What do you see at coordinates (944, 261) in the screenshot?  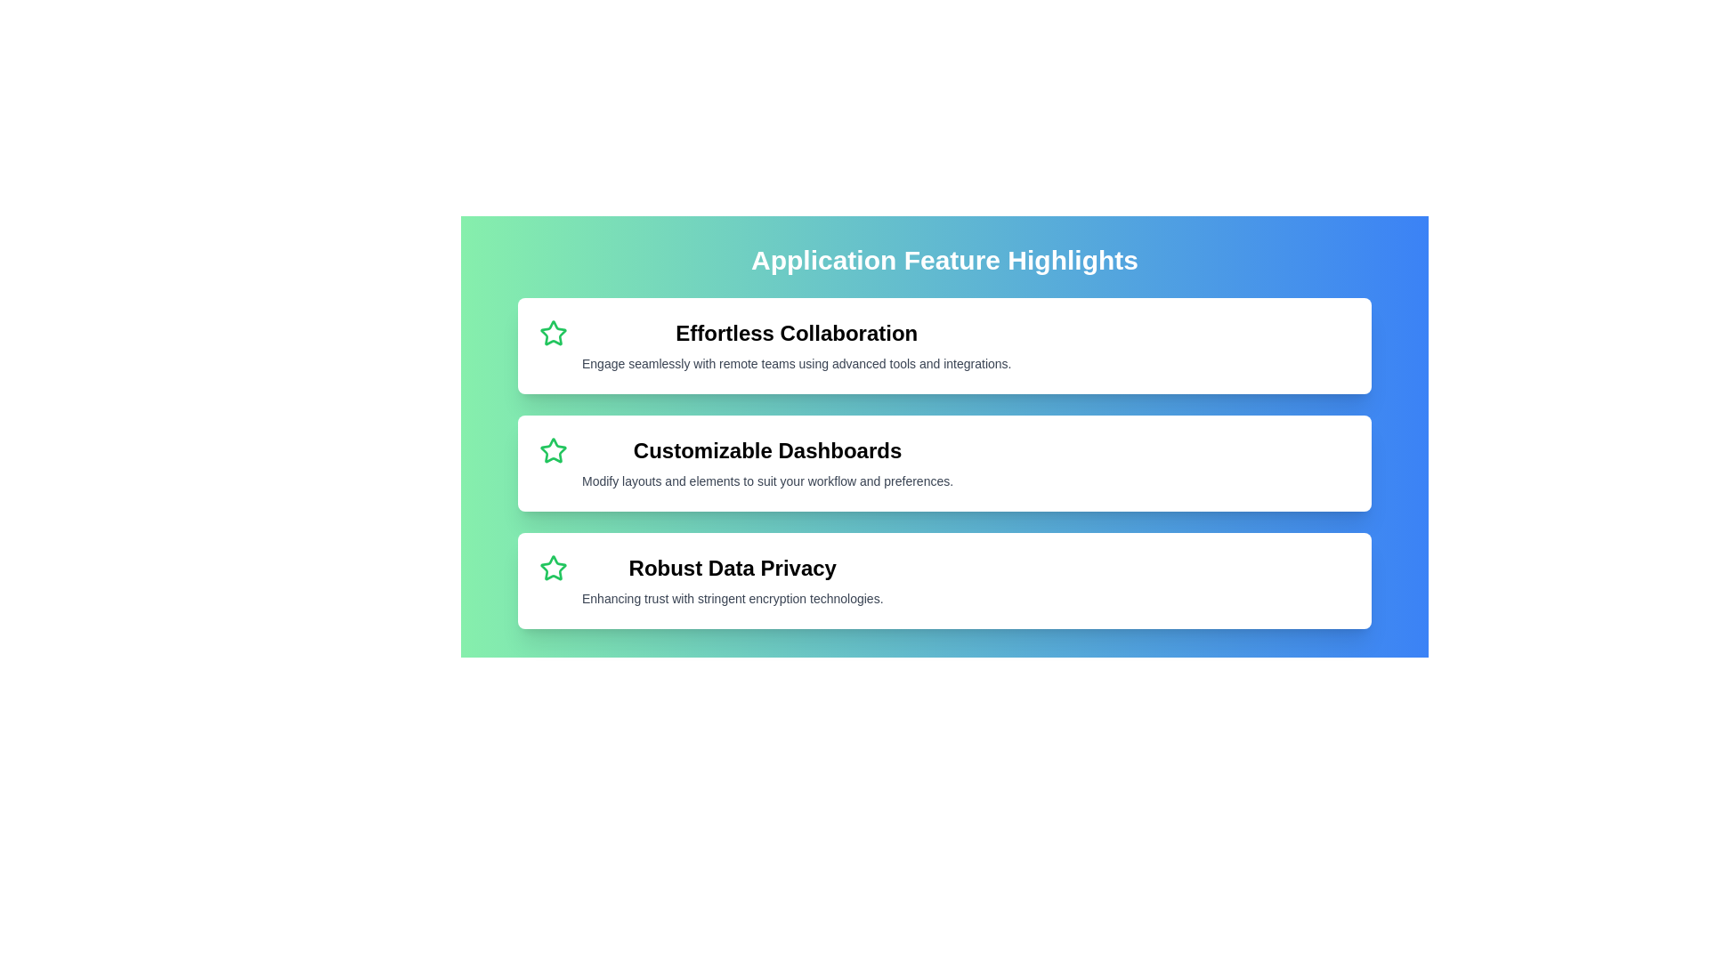 I see `the centered header text 'Application Feature Highlights' which is displayed in a bold and large font within a gradient background` at bounding box center [944, 261].